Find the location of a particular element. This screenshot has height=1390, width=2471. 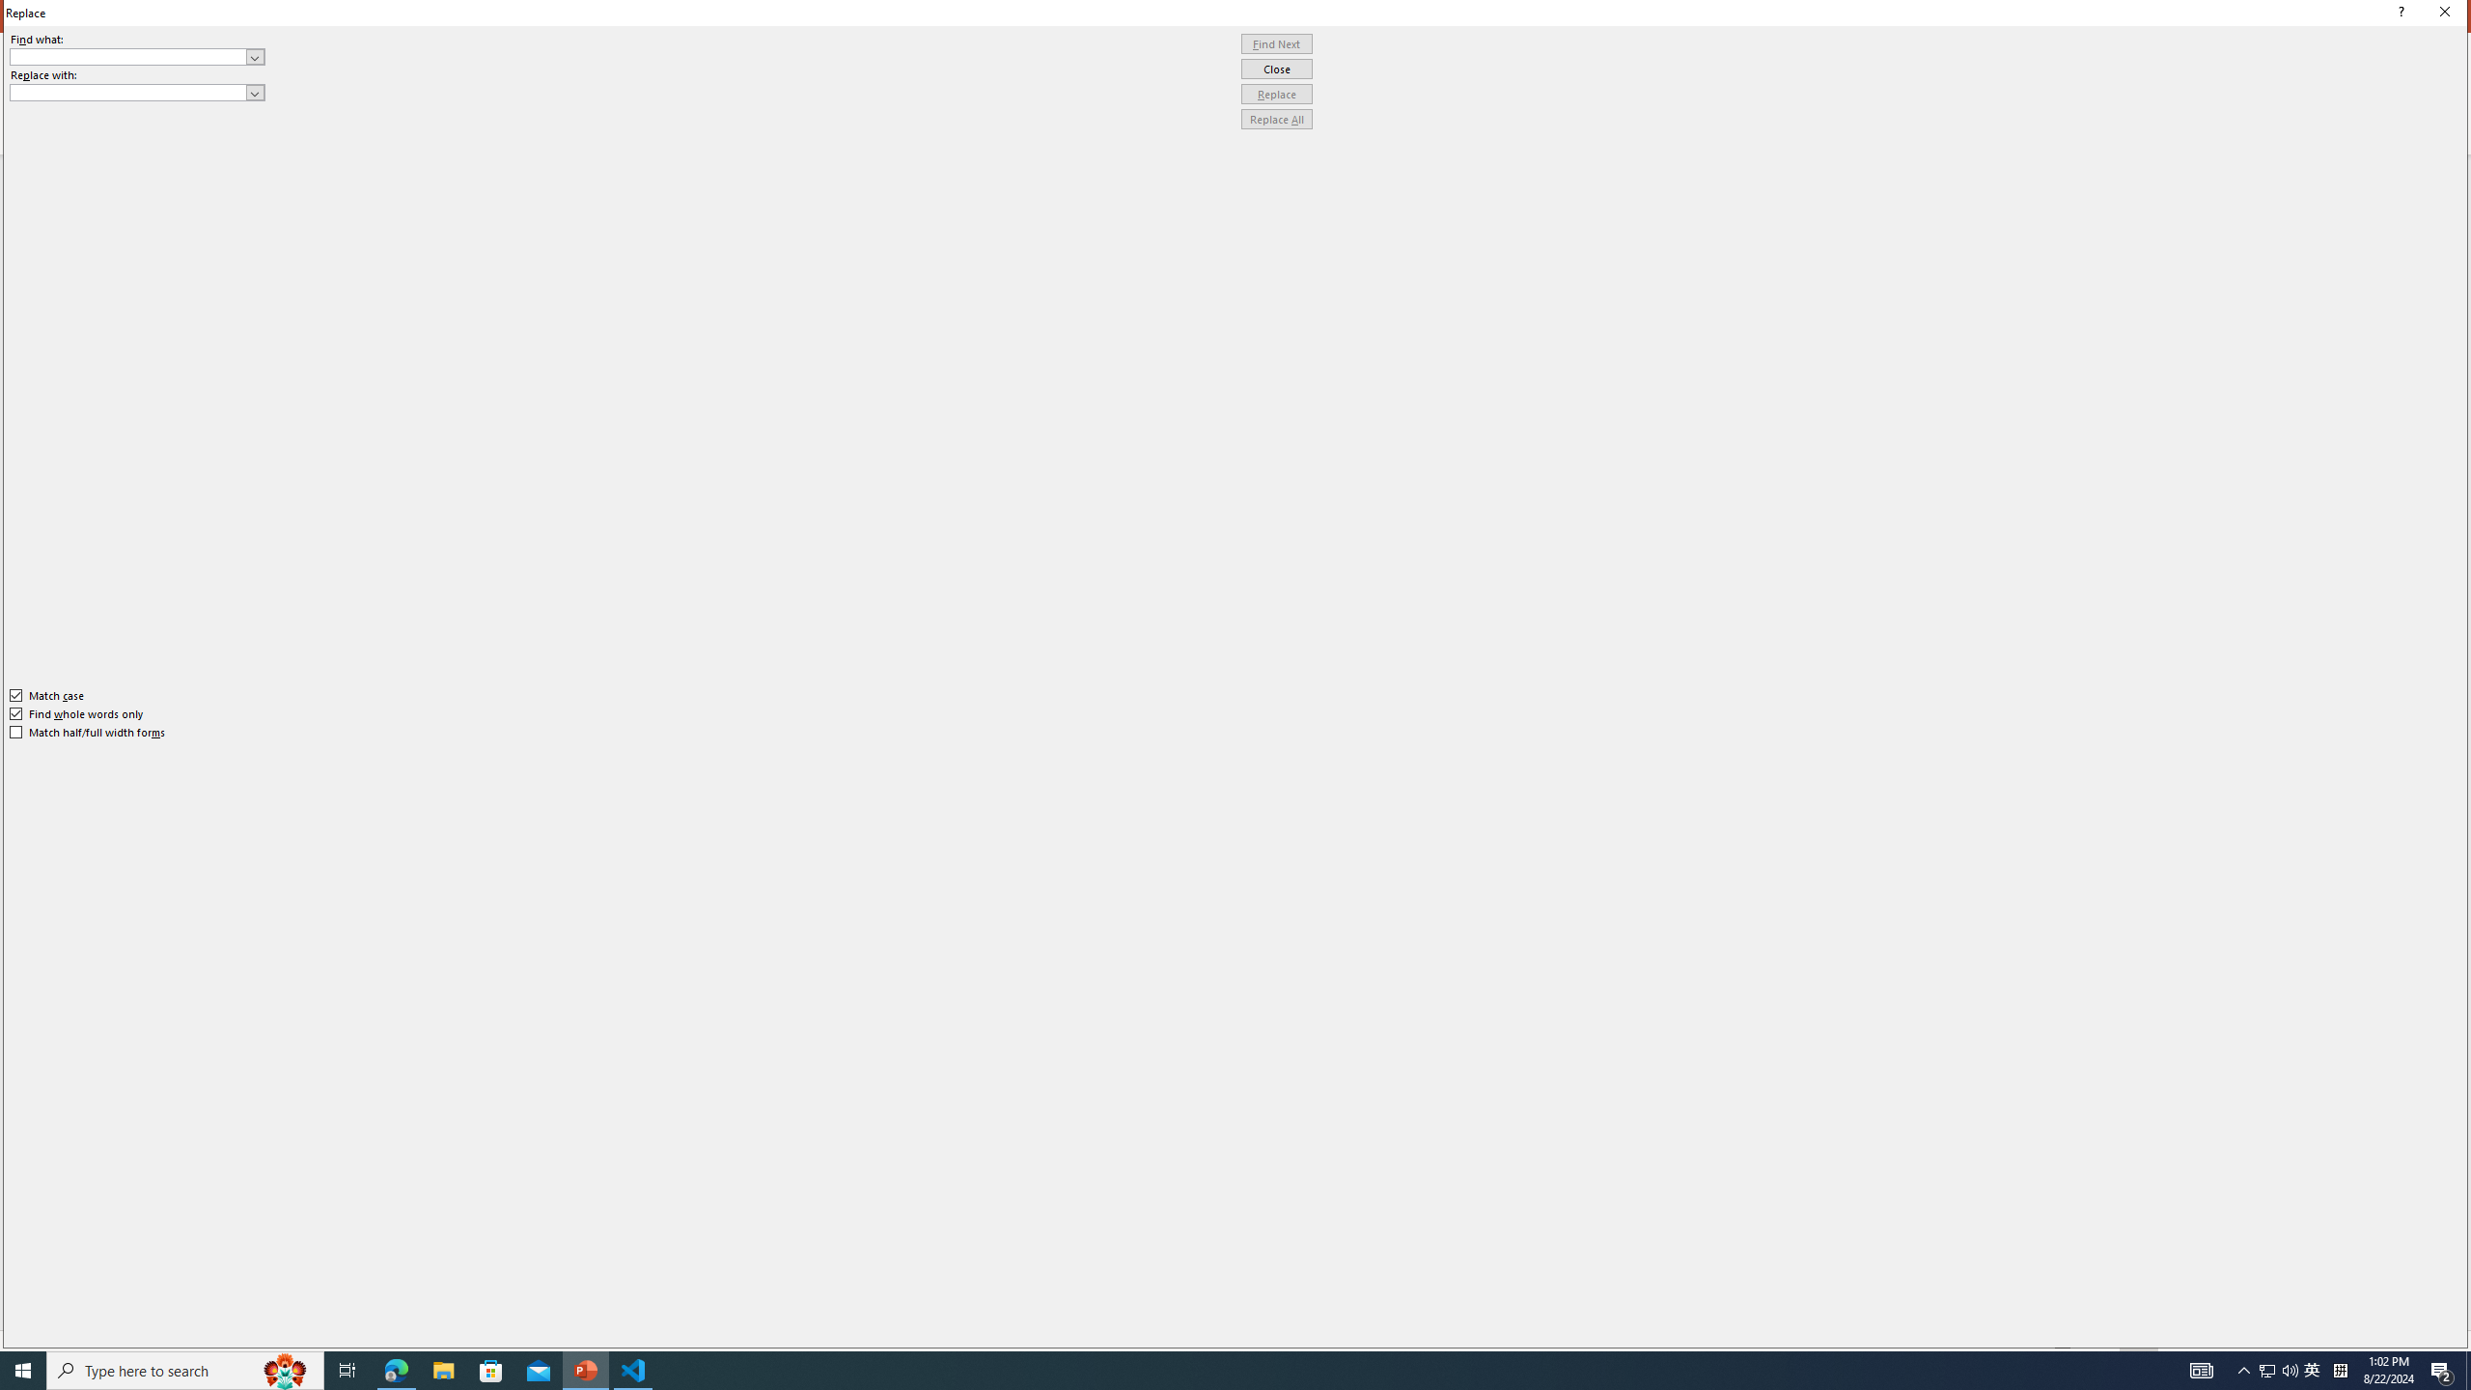

'Match half/full width forms' is located at coordinates (88, 732).